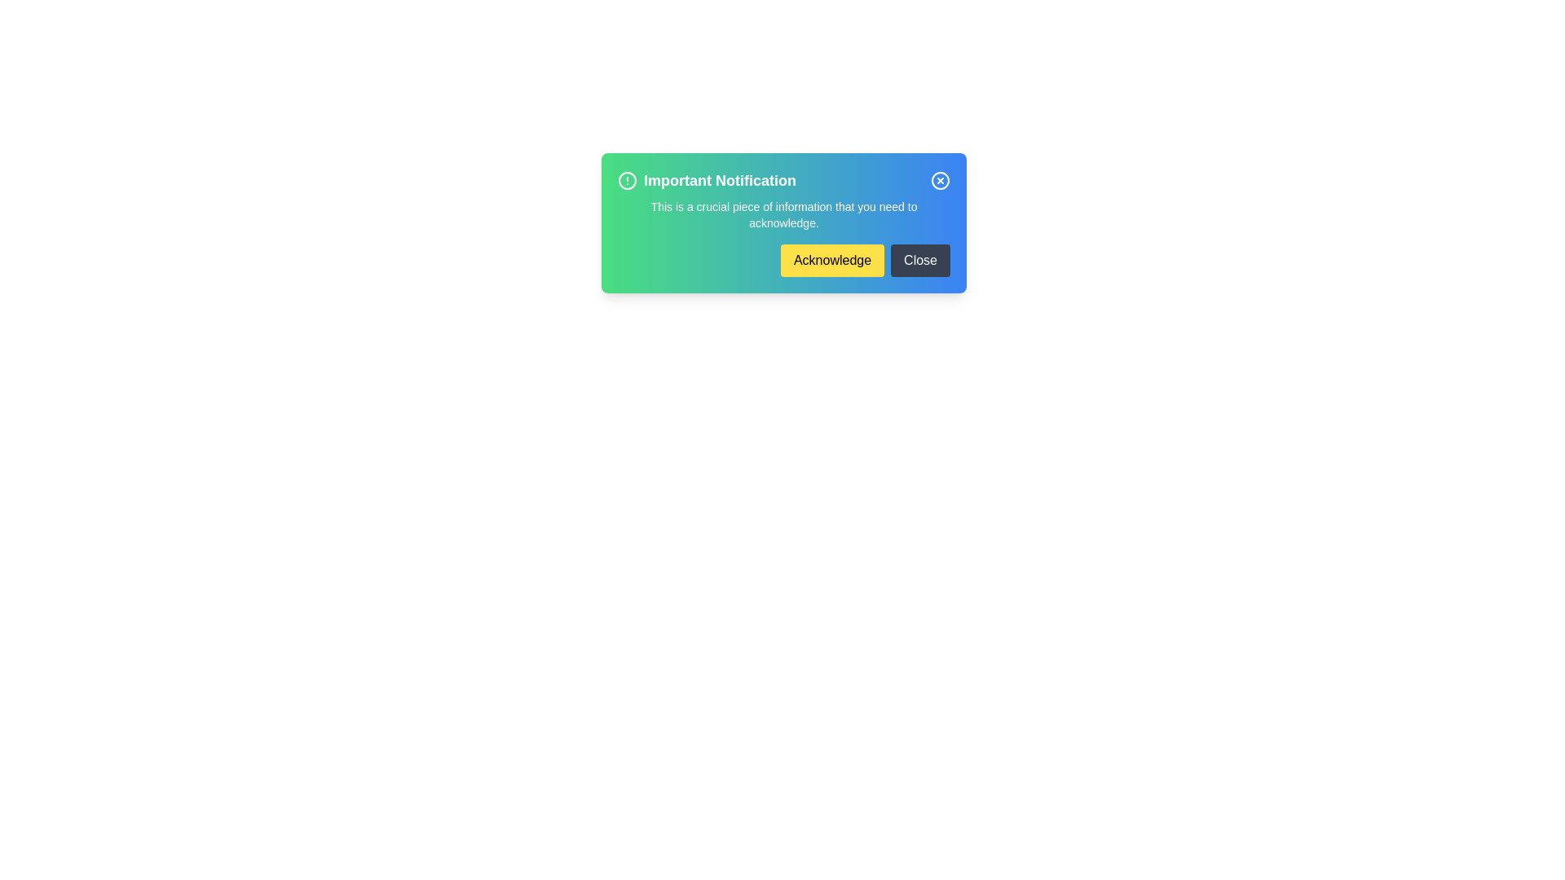  What do you see at coordinates (940, 181) in the screenshot?
I see `the central circle of the close button located at the top-right corner of the notification banner` at bounding box center [940, 181].